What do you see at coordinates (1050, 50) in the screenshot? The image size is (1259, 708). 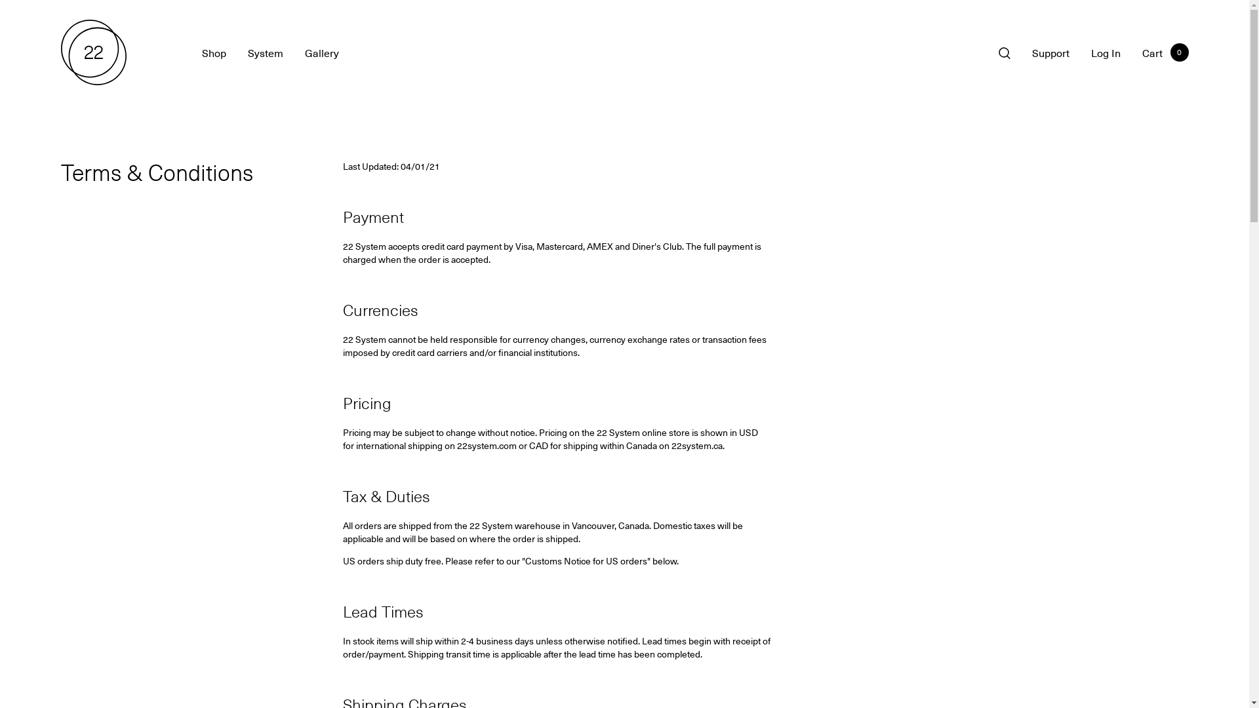 I see `'Support'` at bounding box center [1050, 50].